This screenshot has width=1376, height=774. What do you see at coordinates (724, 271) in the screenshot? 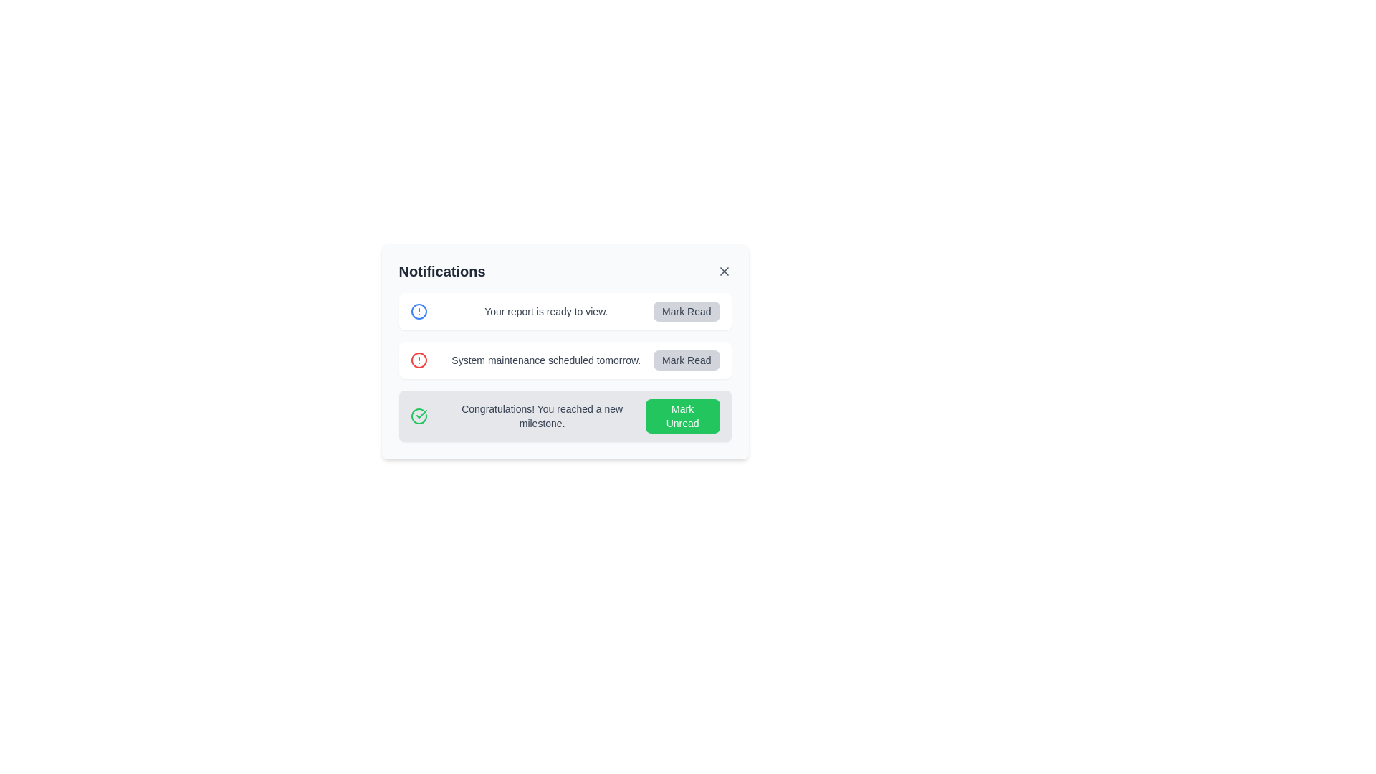
I see `the close button located in the top-right corner of the notification panel` at bounding box center [724, 271].